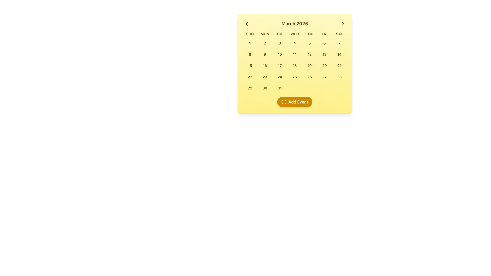 This screenshot has height=276, width=491. I want to click on the calendar date cell representing the second day of March 2025, located under the Monday header in the calendar grid, so click(265, 43).